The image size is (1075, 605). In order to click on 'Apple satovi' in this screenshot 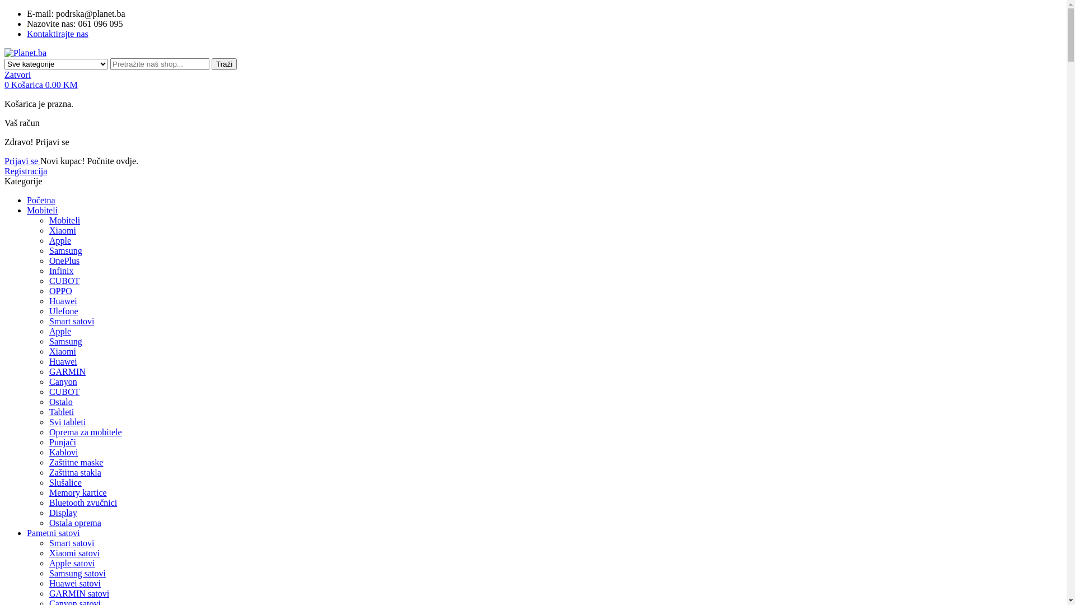, I will do `click(48, 563)`.